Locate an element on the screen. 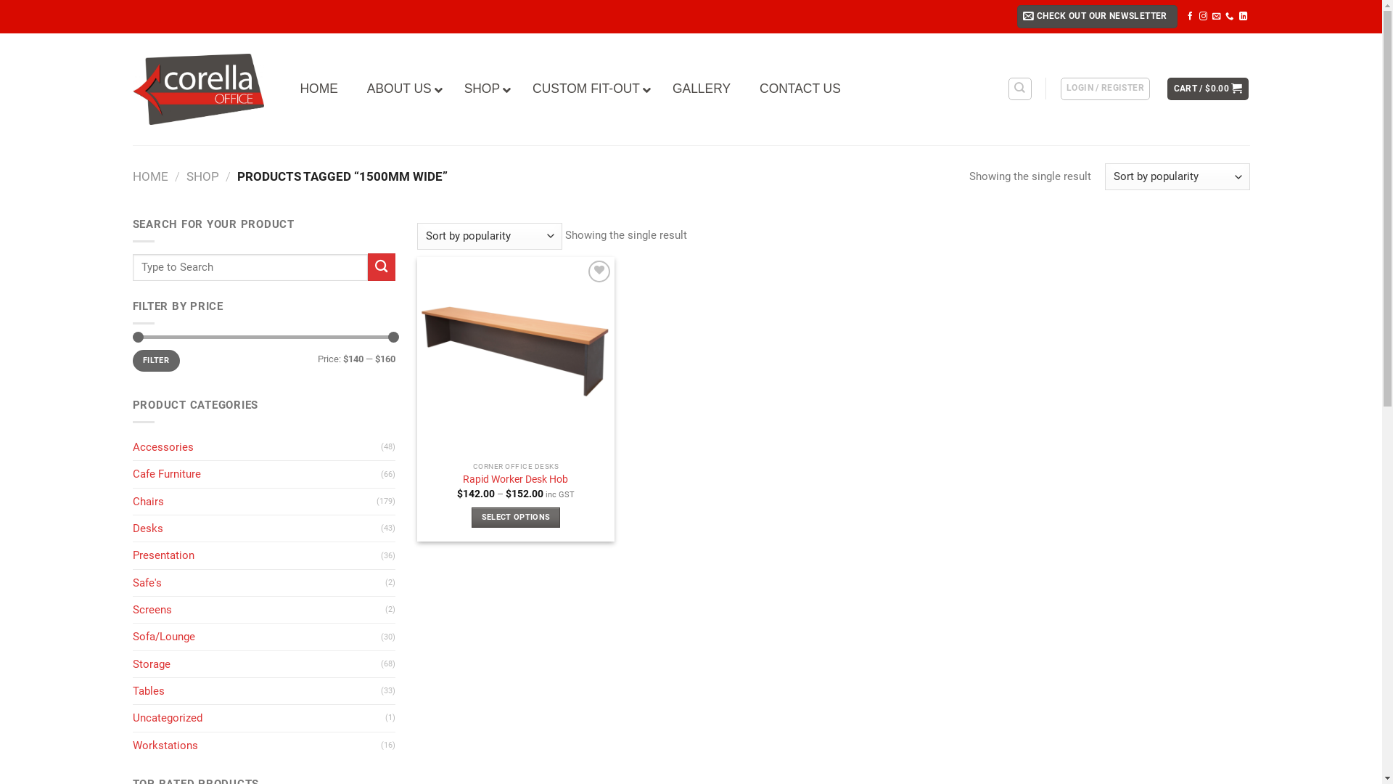 The height and width of the screenshot is (784, 1393). 'Sofa/Lounge' is located at coordinates (256, 635).